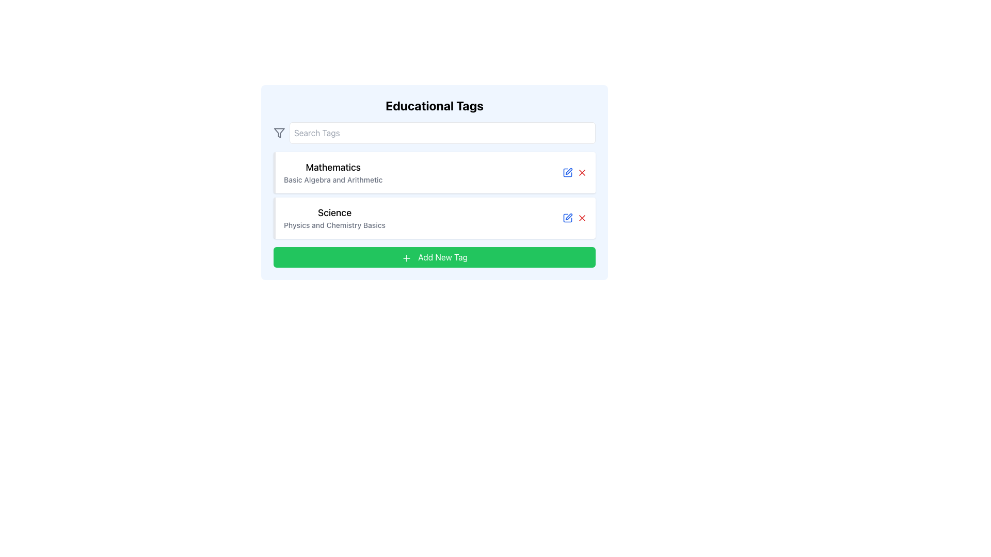 Image resolution: width=991 pixels, height=557 pixels. What do you see at coordinates (567, 172) in the screenshot?
I see `the blue pen icon button indicating an edit action, located next to the 'Mathematics' tag, to trigger a tooltip or visual feedback` at bounding box center [567, 172].